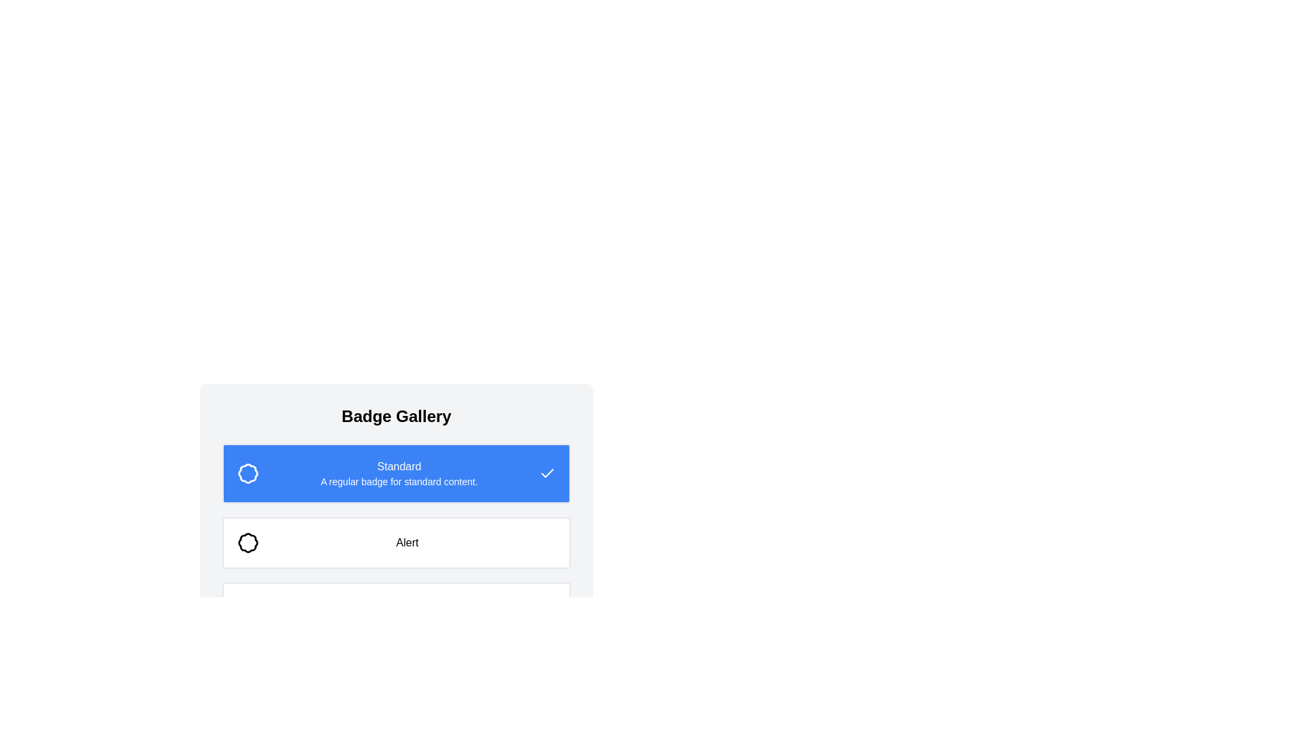 The image size is (1306, 734). I want to click on the text block that displays the title 'Standard' and the subtitle 'A regular badge for standard content.' on a blue background, located towards the center-right of the blue panel, so click(398, 473).